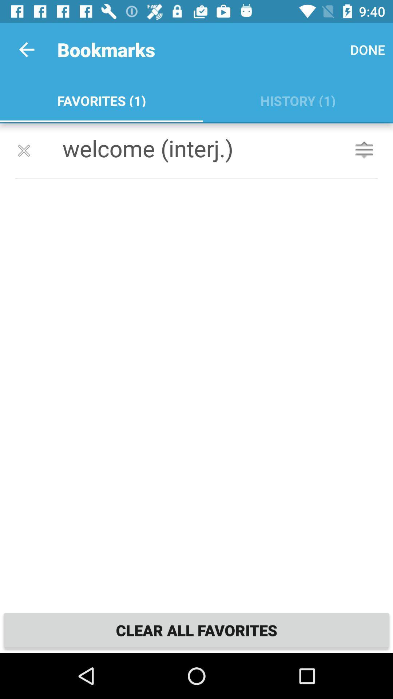 Image resolution: width=393 pixels, height=699 pixels. I want to click on the history (1), so click(298, 99).